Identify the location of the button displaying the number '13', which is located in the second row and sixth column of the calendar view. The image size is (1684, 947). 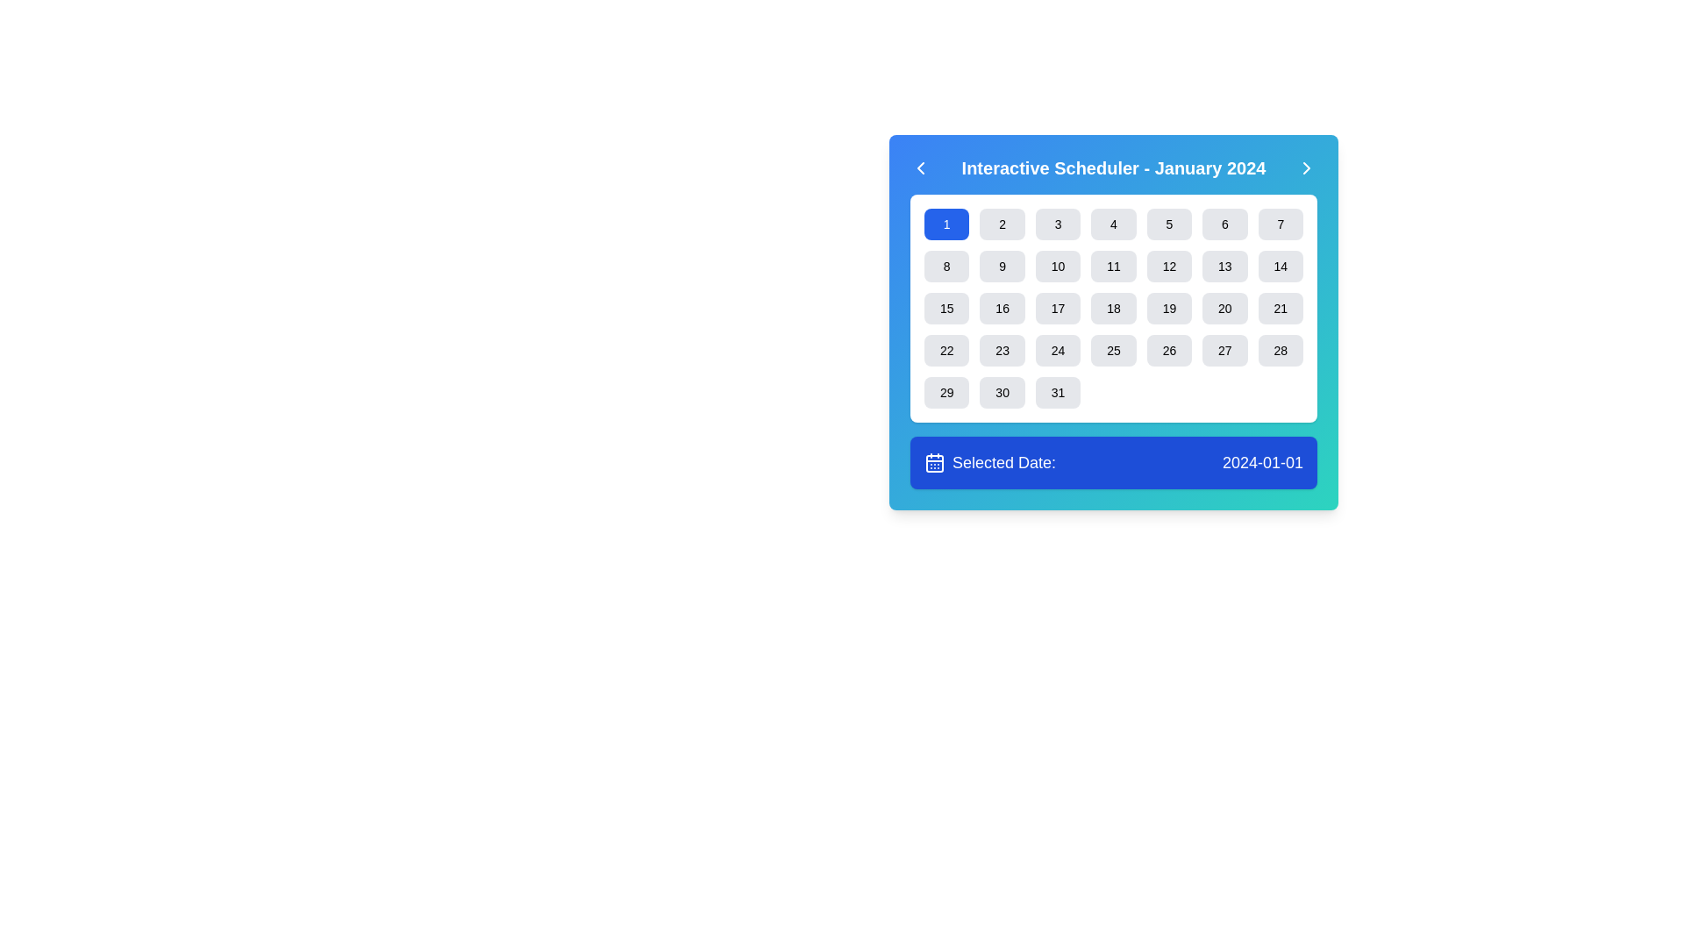
(1224, 267).